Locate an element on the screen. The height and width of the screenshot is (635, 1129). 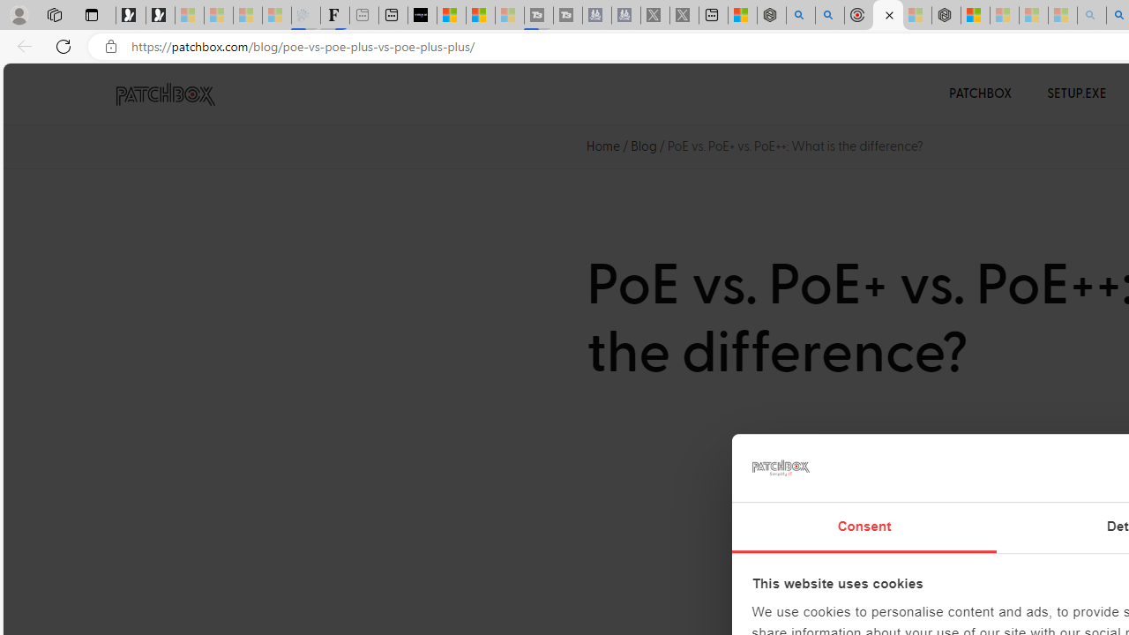
'amazon - Search - Sleeping' is located at coordinates (1091, 15).